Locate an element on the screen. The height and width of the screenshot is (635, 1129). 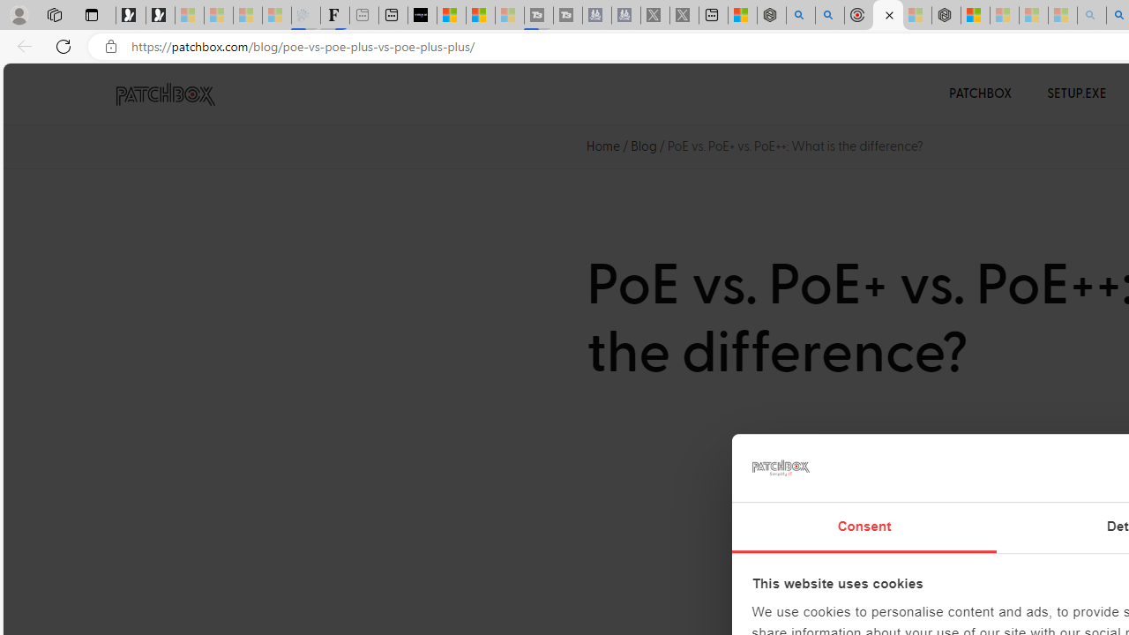
'amazon - Search - Sleeping' is located at coordinates (1091, 15).